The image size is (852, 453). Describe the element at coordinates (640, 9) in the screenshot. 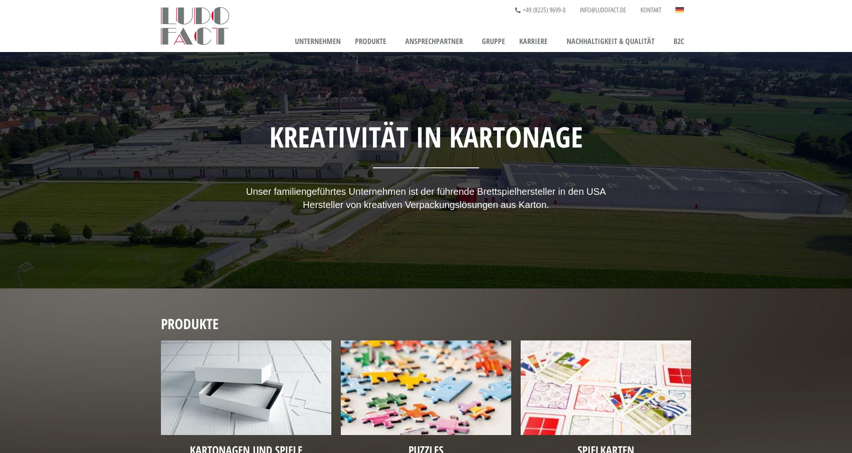

I see `'Kontakt'` at that location.